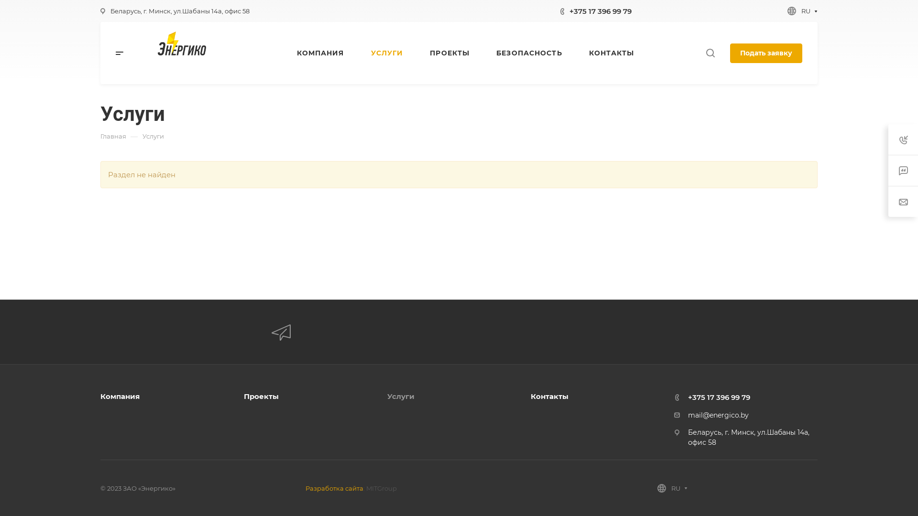  Describe the element at coordinates (718, 414) in the screenshot. I see `'mail@energico.by'` at that location.